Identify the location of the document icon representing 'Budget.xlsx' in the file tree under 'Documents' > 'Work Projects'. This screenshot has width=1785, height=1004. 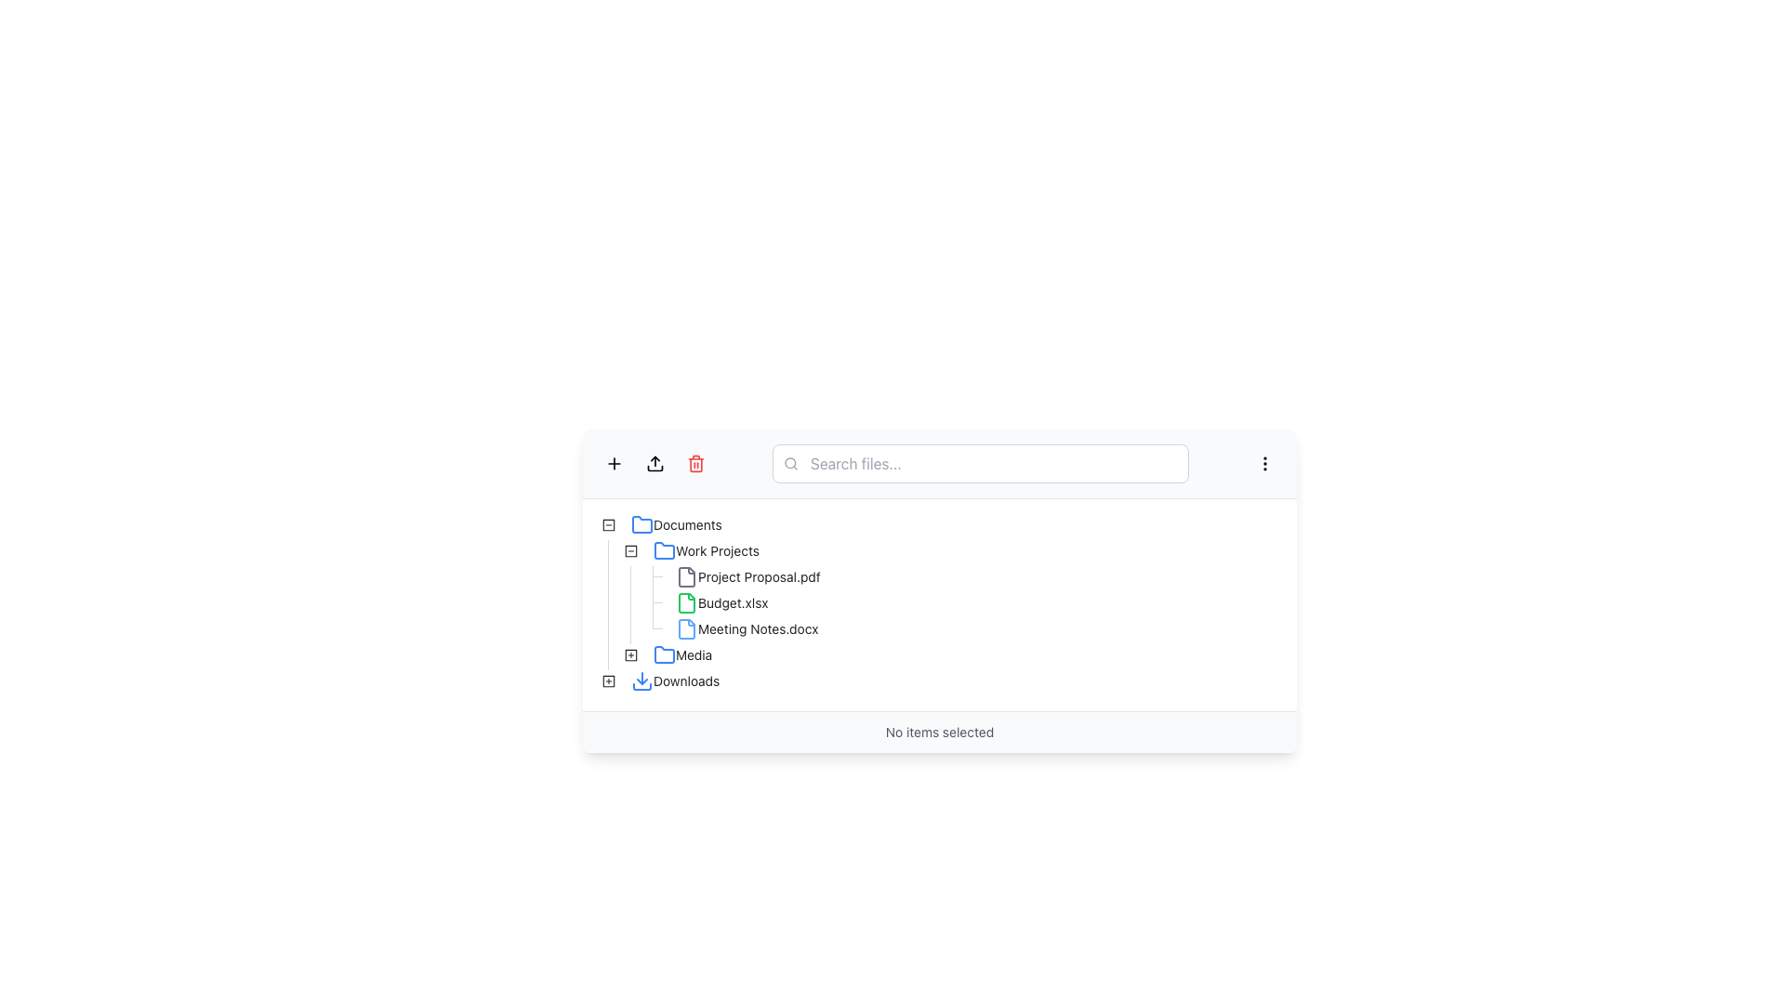
(686, 602).